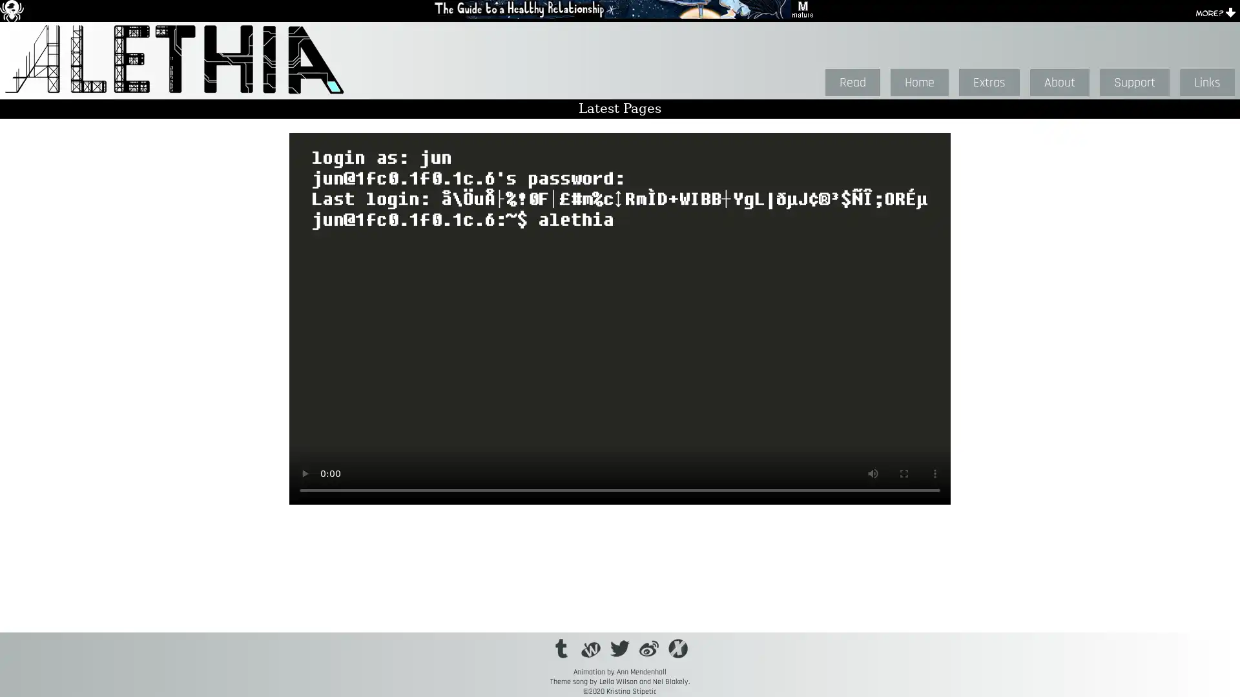  I want to click on play, so click(304, 473).